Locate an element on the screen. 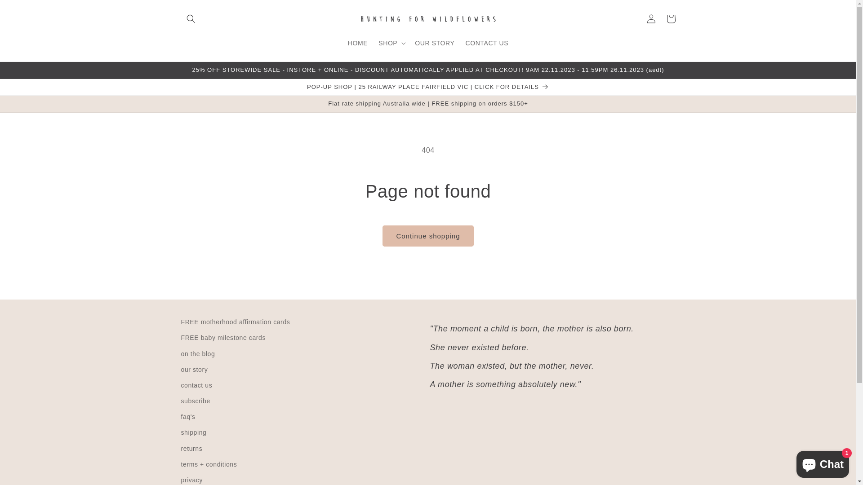 The width and height of the screenshot is (863, 485). 'shipping' is located at coordinates (193, 432).